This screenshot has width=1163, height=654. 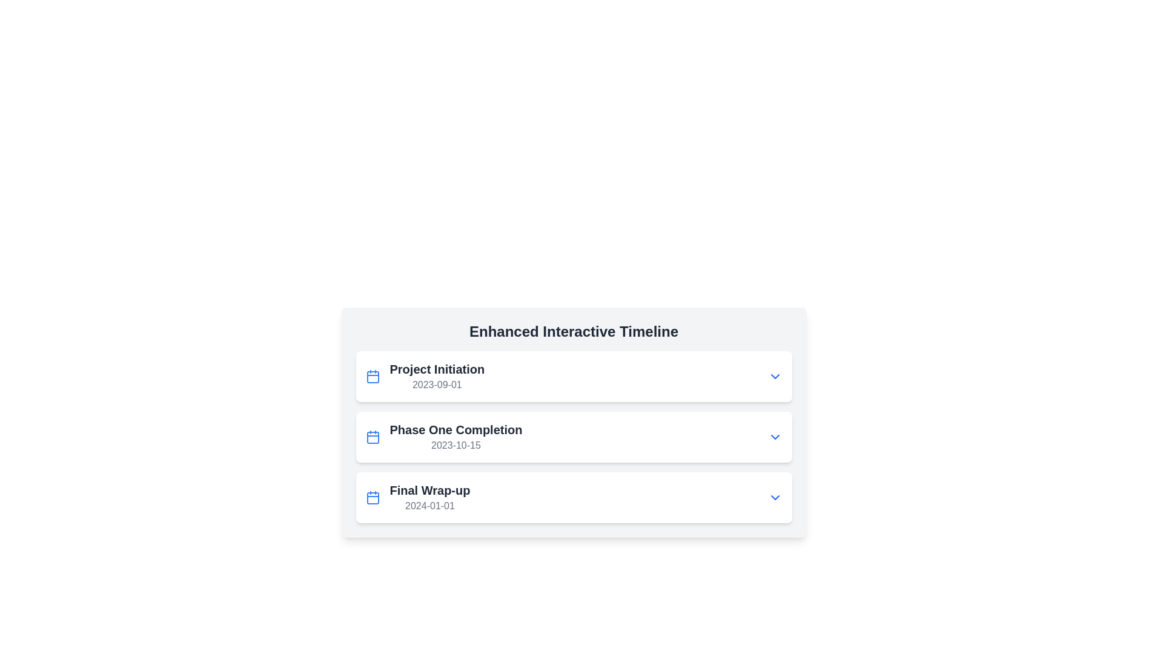 I want to click on the rounded rectangle element of the SVG calendar icon located near the top-left corner of the 'Project Initiation' entry, so click(x=372, y=377).